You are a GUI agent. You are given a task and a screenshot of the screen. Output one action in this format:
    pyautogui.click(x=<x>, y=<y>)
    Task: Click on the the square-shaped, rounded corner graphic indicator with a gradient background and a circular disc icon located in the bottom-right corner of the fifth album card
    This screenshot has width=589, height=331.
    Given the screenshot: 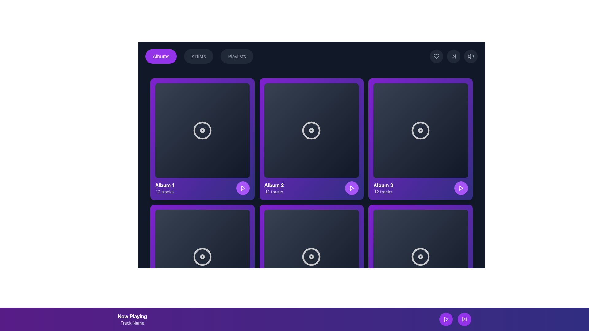 What is the action you would take?
    pyautogui.click(x=420, y=257)
    